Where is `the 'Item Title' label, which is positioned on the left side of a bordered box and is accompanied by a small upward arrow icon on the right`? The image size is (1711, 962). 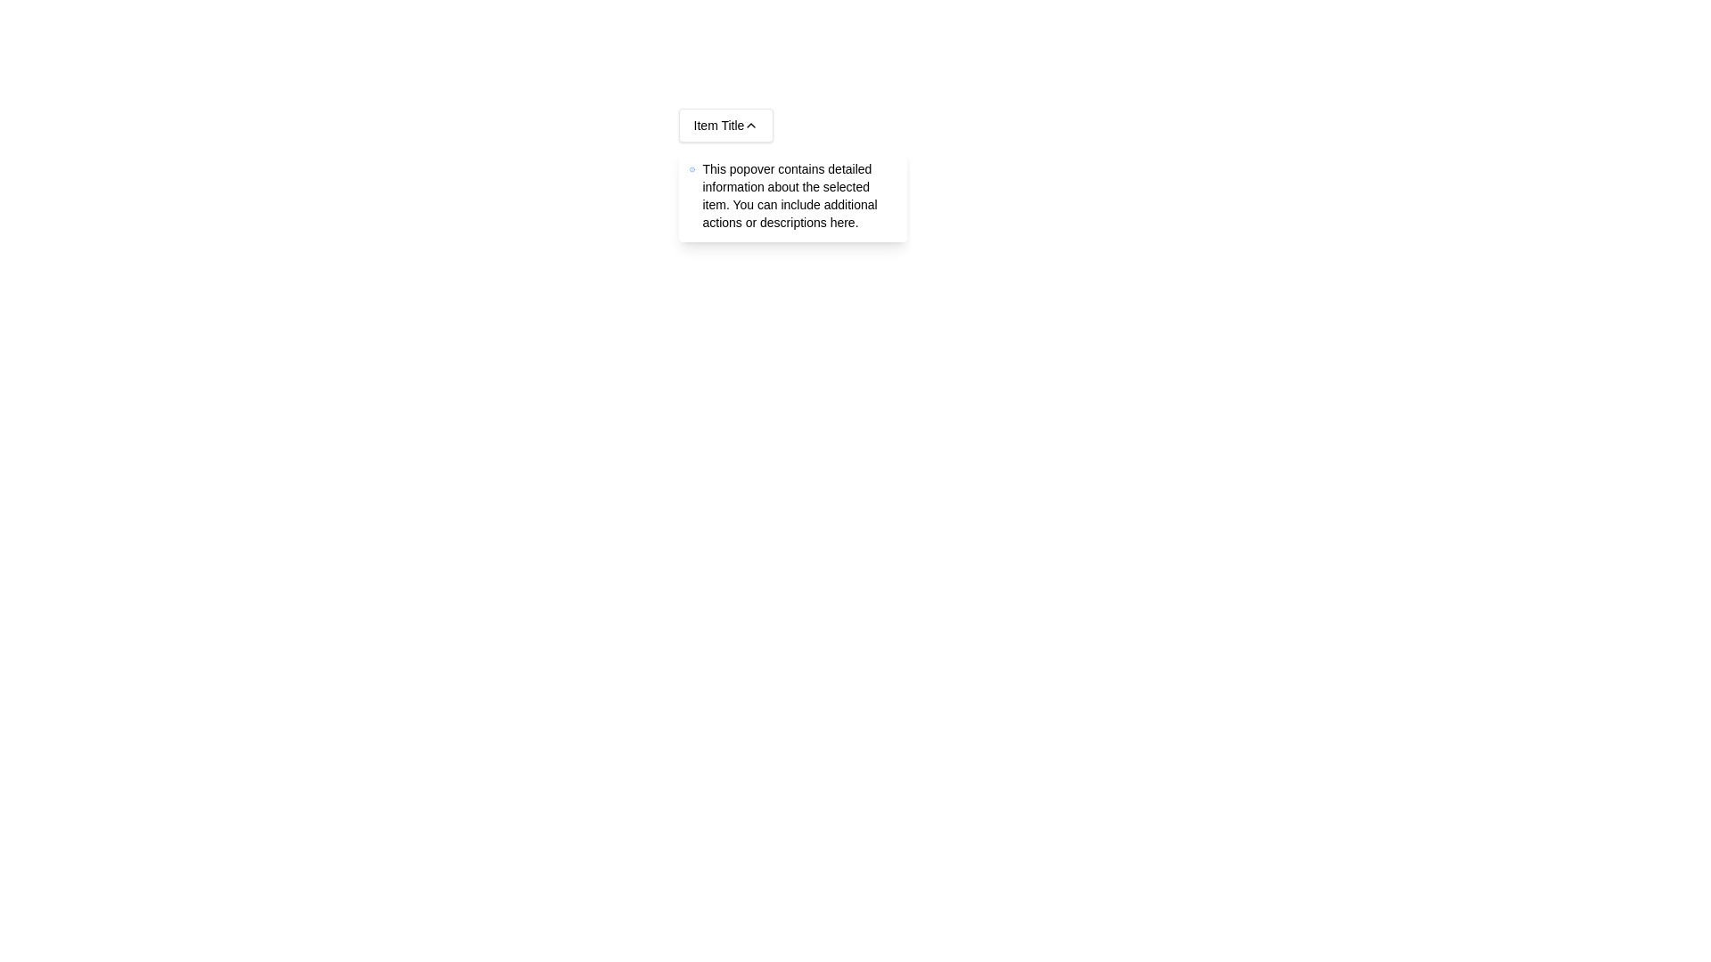 the 'Item Title' label, which is positioned on the left side of a bordered box and is accompanied by a small upward arrow icon on the right is located at coordinates (718, 125).